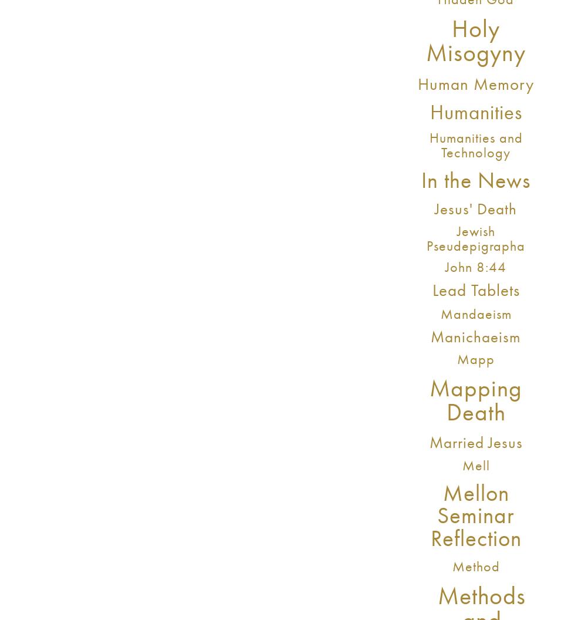  What do you see at coordinates (475, 238) in the screenshot?
I see `'Jewish Pseudepigrapha'` at bounding box center [475, 238].